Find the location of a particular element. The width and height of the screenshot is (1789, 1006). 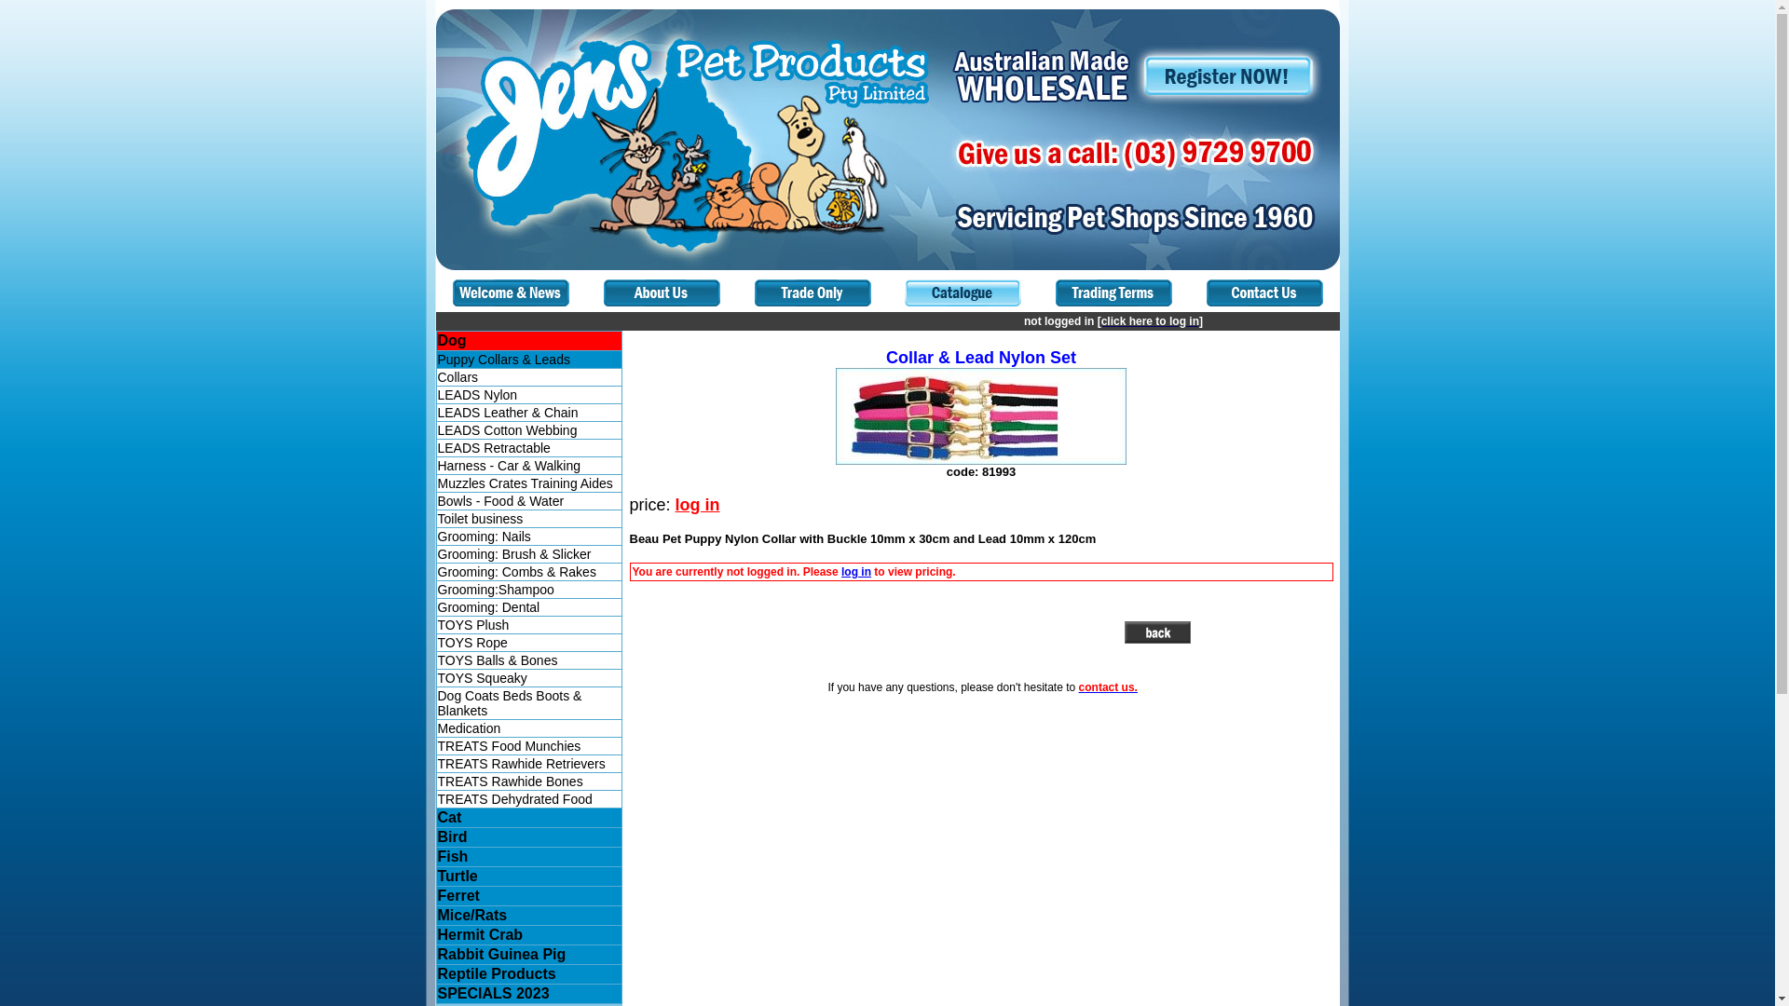

'TOYS Squeaky' is located at coordinates (526, 678).